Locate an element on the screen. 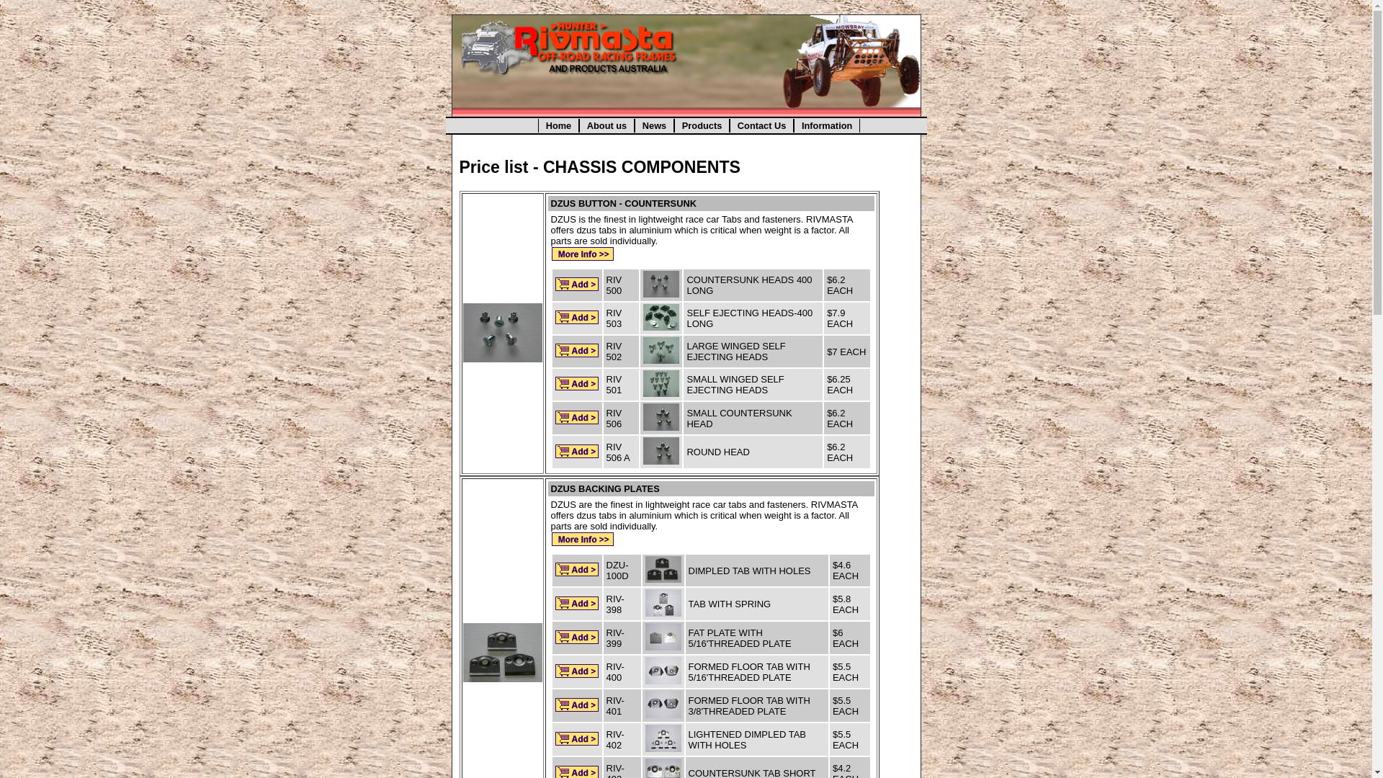  'Information' is located at coordinates (793, 125).